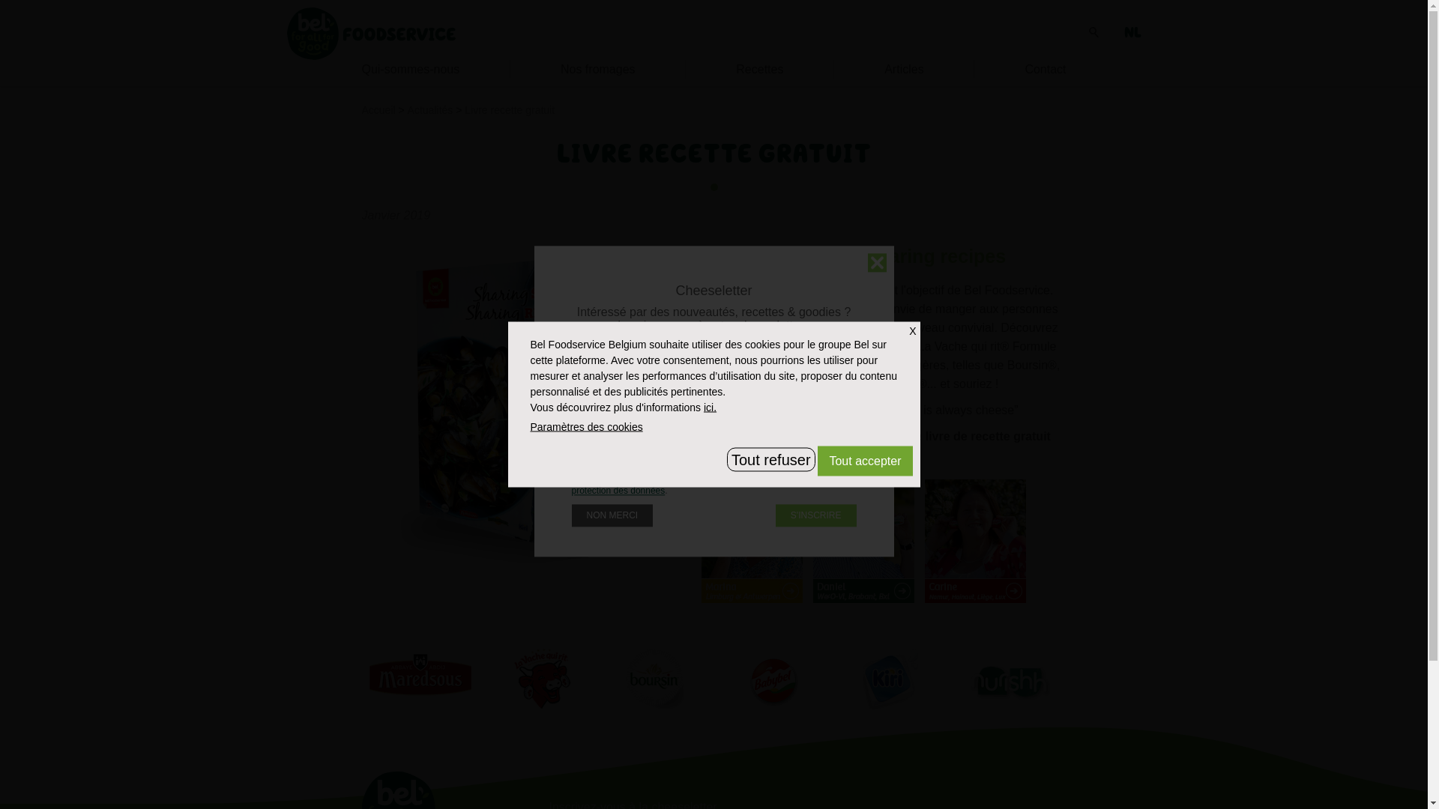  What do you see at coordinates (1132, 32) in the screenshot?
I see `'NL'` at bounding box center [1132, 32].